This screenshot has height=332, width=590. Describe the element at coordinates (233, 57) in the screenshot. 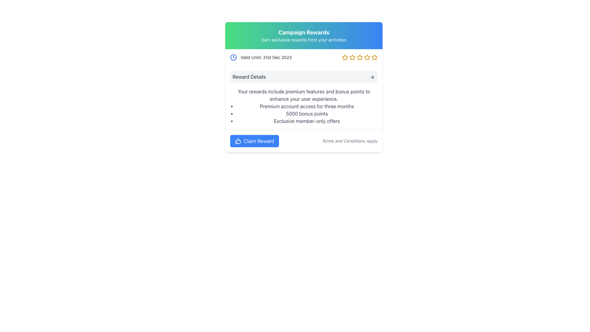

I see `the blue clock icon located to the left of the text 'Valid Until: 31st Dec 2023'` at that location.